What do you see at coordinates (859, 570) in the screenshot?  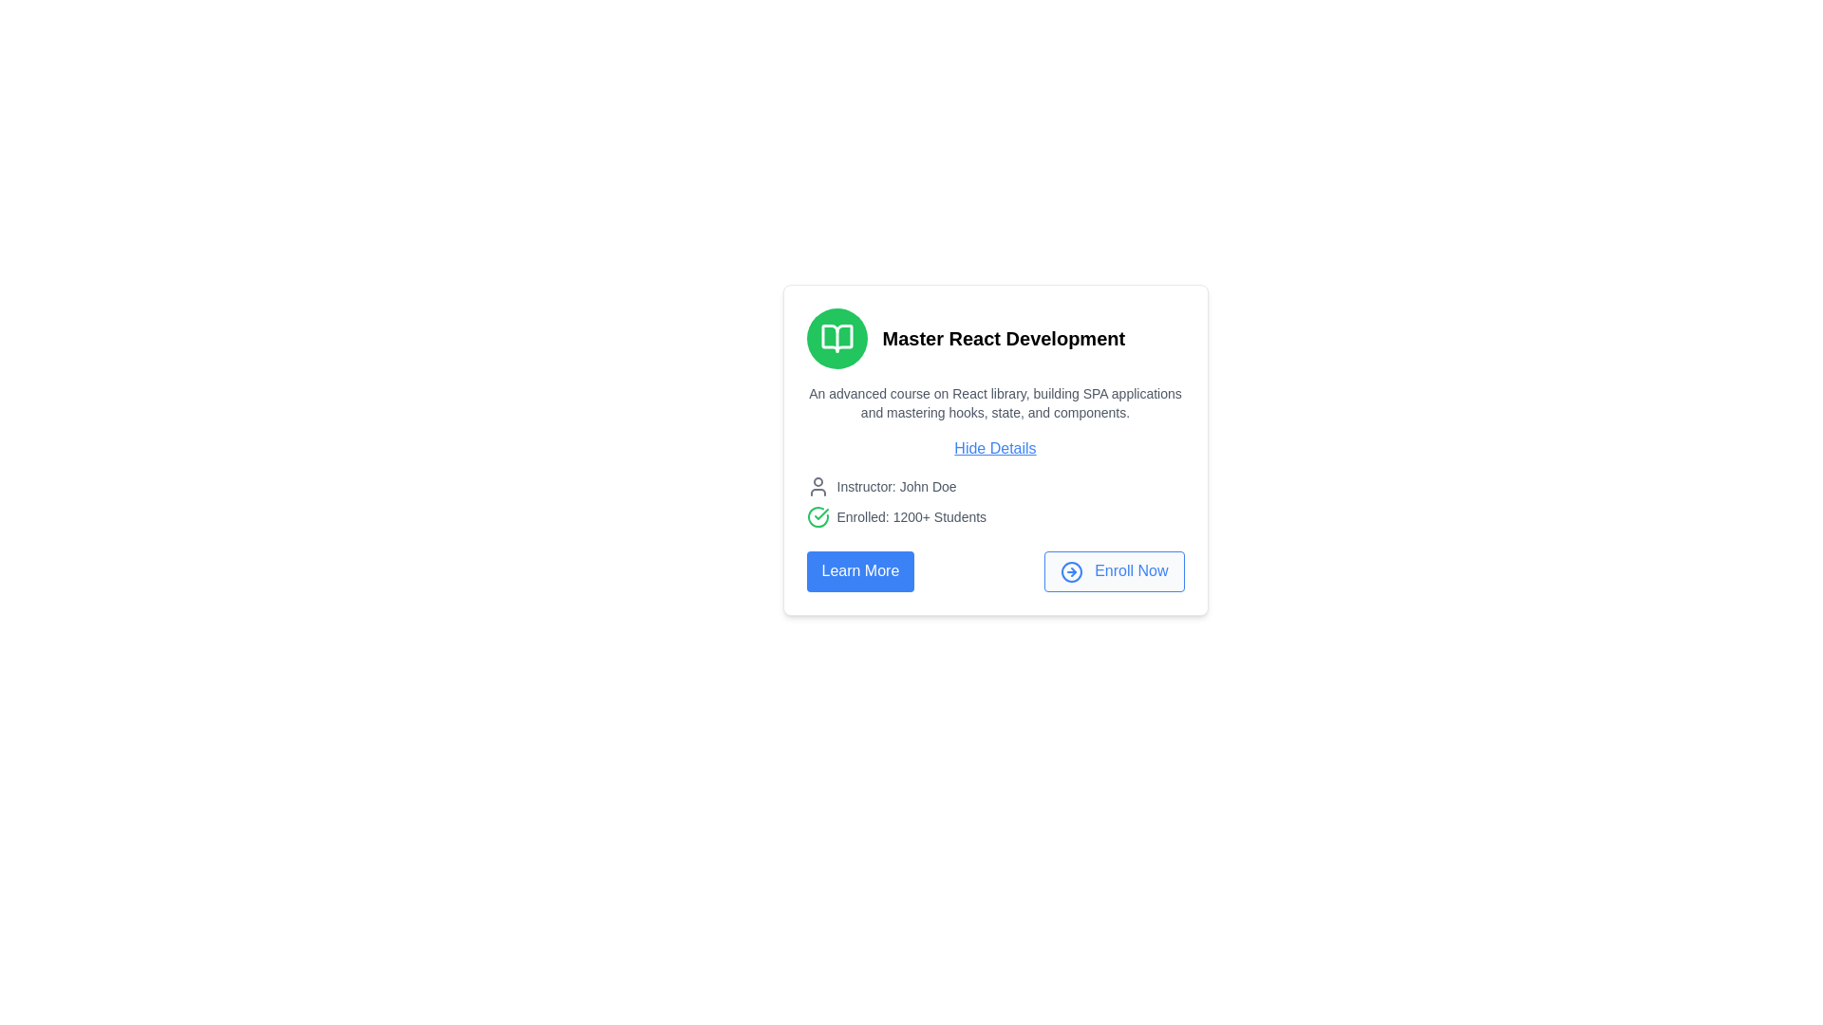 I see `the 'Learn More' button located to the left of the 'Enroll Now' button at the bottom center of the card component` at bounding box center [859, 570].